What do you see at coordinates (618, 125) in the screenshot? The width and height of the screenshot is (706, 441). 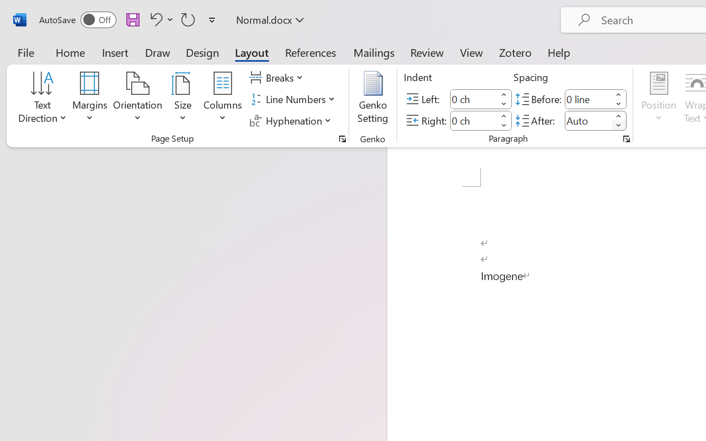 I see `'Less'` at bounding box center [618, 125].